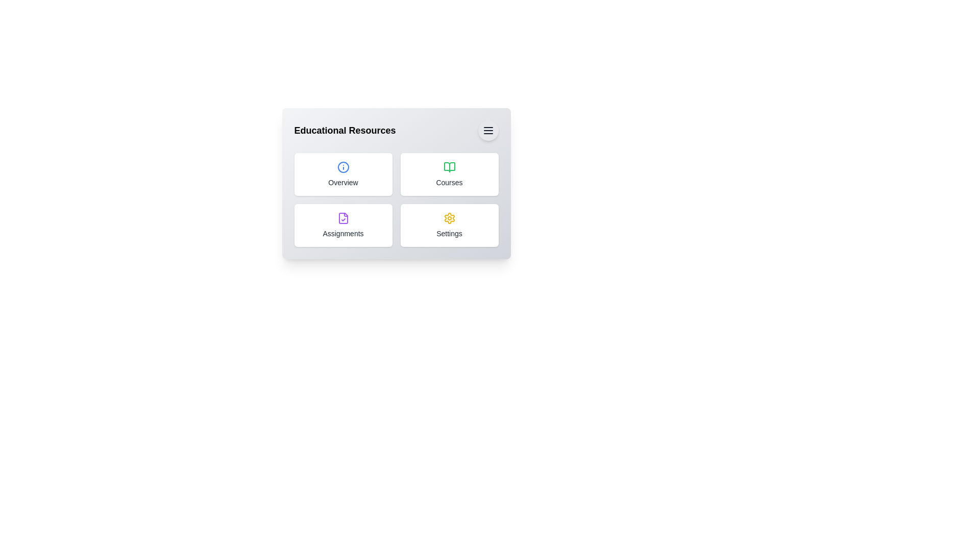 This screenshot has width=980, height=551. Describe the element at coordinates (449, 225) in the screenshot. I see `the 'Settings' button to select it` at that location.